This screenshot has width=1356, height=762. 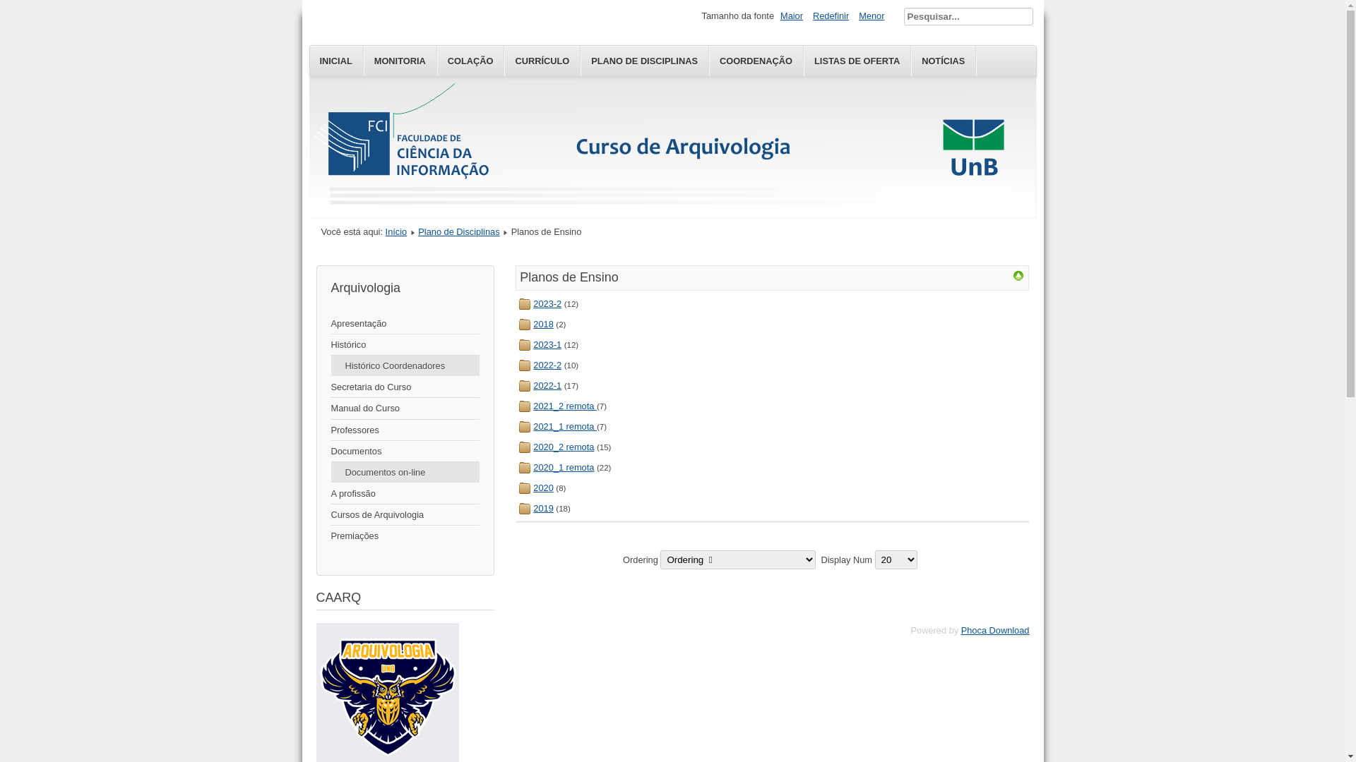 What do you see at coordinates (546, 364) in the screenshot?
I see `'2022-2'` at bounding box center [546, 364].